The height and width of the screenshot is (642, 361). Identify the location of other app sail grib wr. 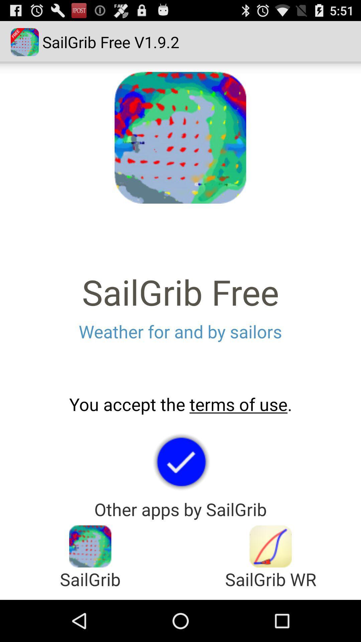
(271, 546).